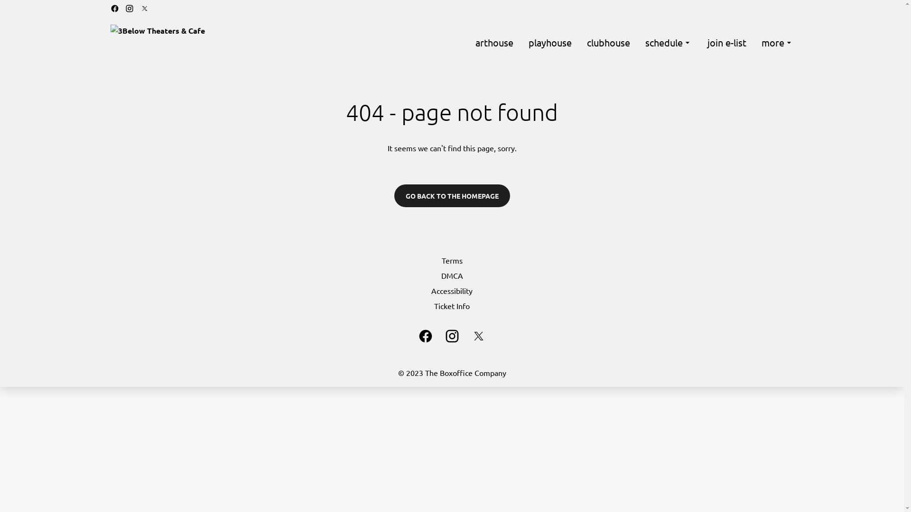 The image size is (911, 512). Describe the element at coordinates (425, 336) in the screenshot. I see `'facebook'` at that location.